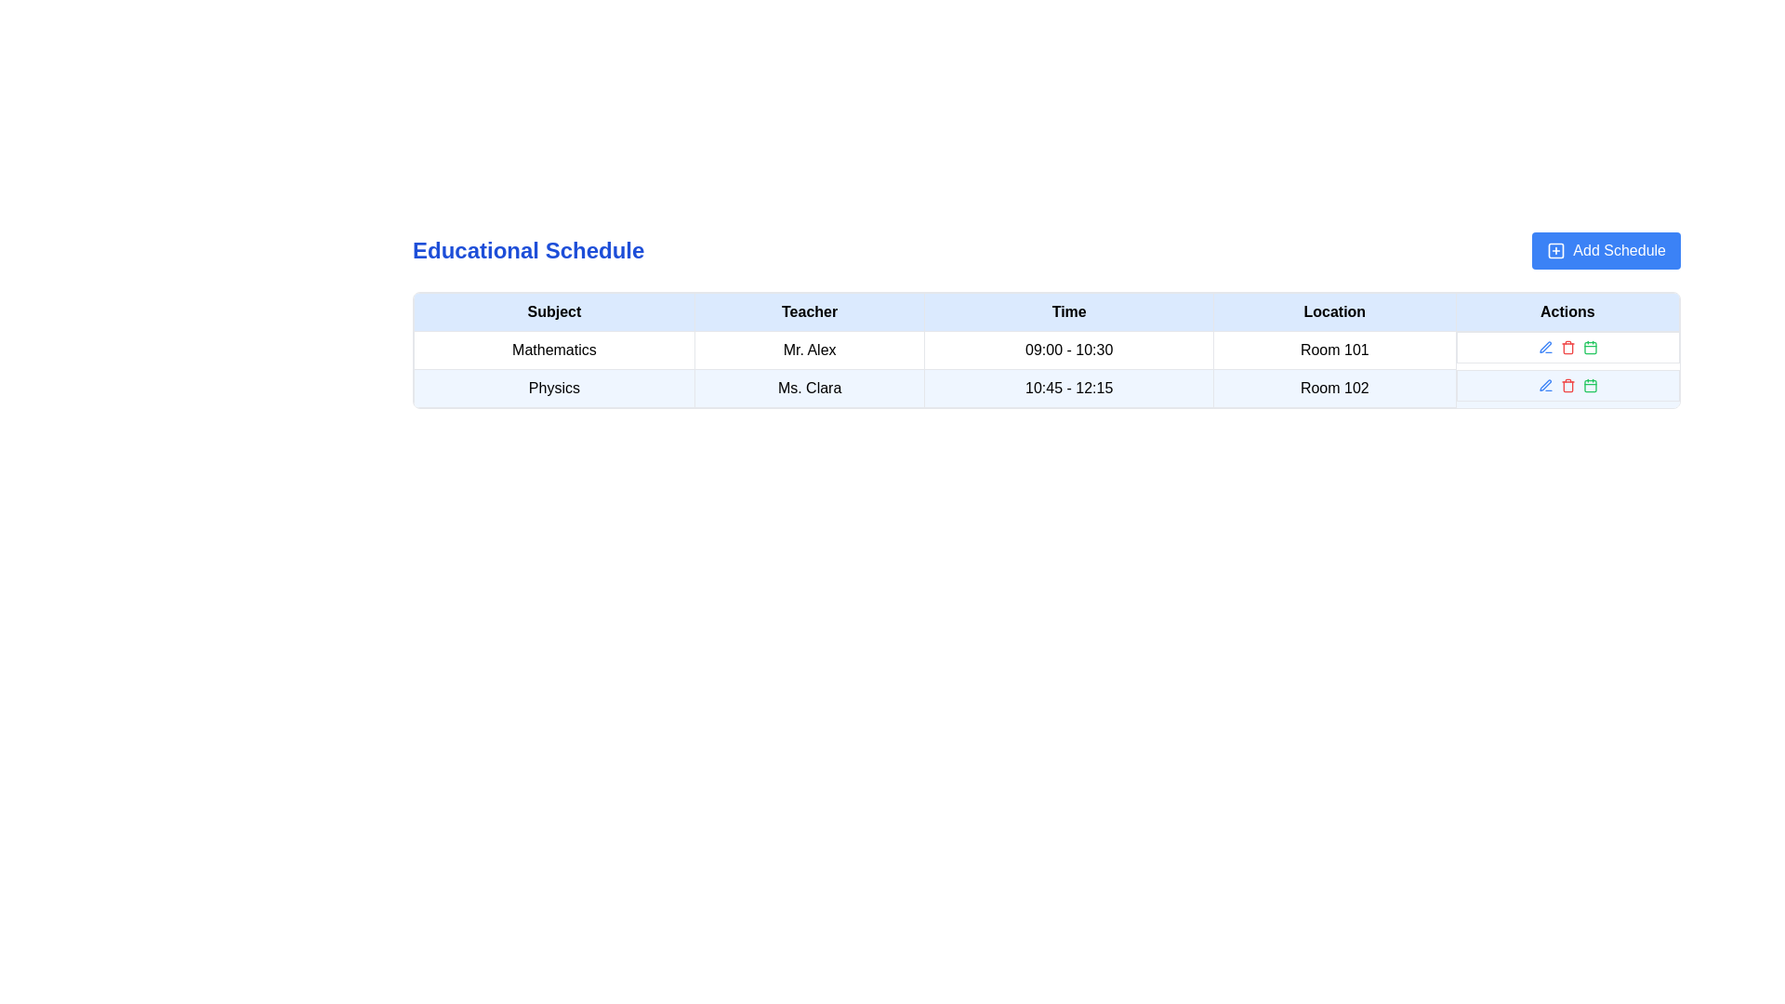 The height and width of the screenshot is (1004, 1785). What do you see at coordinates (1333, 350) in the screenshot?
I see `the label indicating the location of the scheduled event or class in the first row of the table` at bounding box center [1333, 350].